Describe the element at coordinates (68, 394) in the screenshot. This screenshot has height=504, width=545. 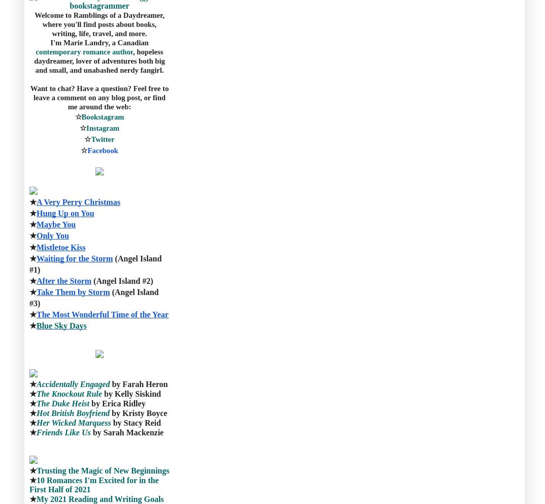
I see `'The Knockout Rule'` at that location.